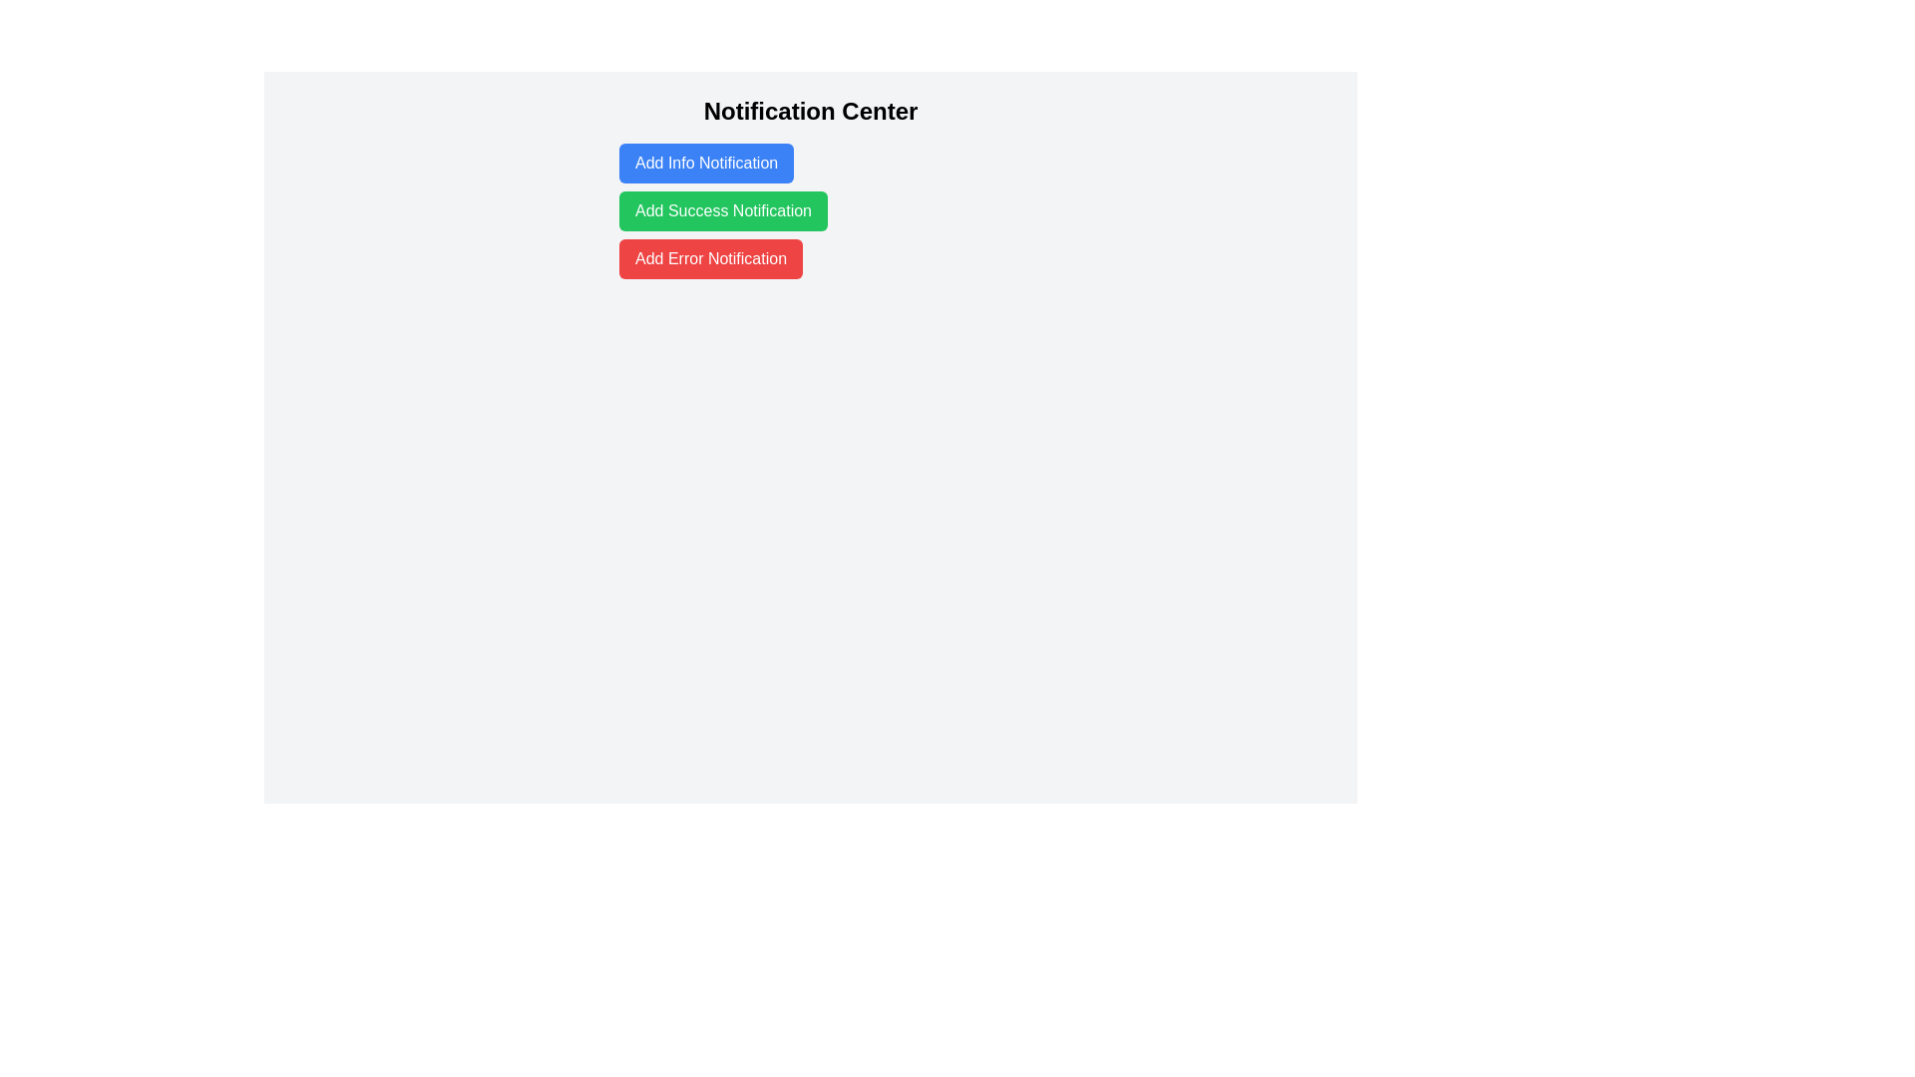 The height and width of the screenshot is (1077, 1915). Describe the element at coordinates (722, 211) in the screenshot. I see `the second button in the Notification Center, located below the 'Add Info Notification' button` at that location.